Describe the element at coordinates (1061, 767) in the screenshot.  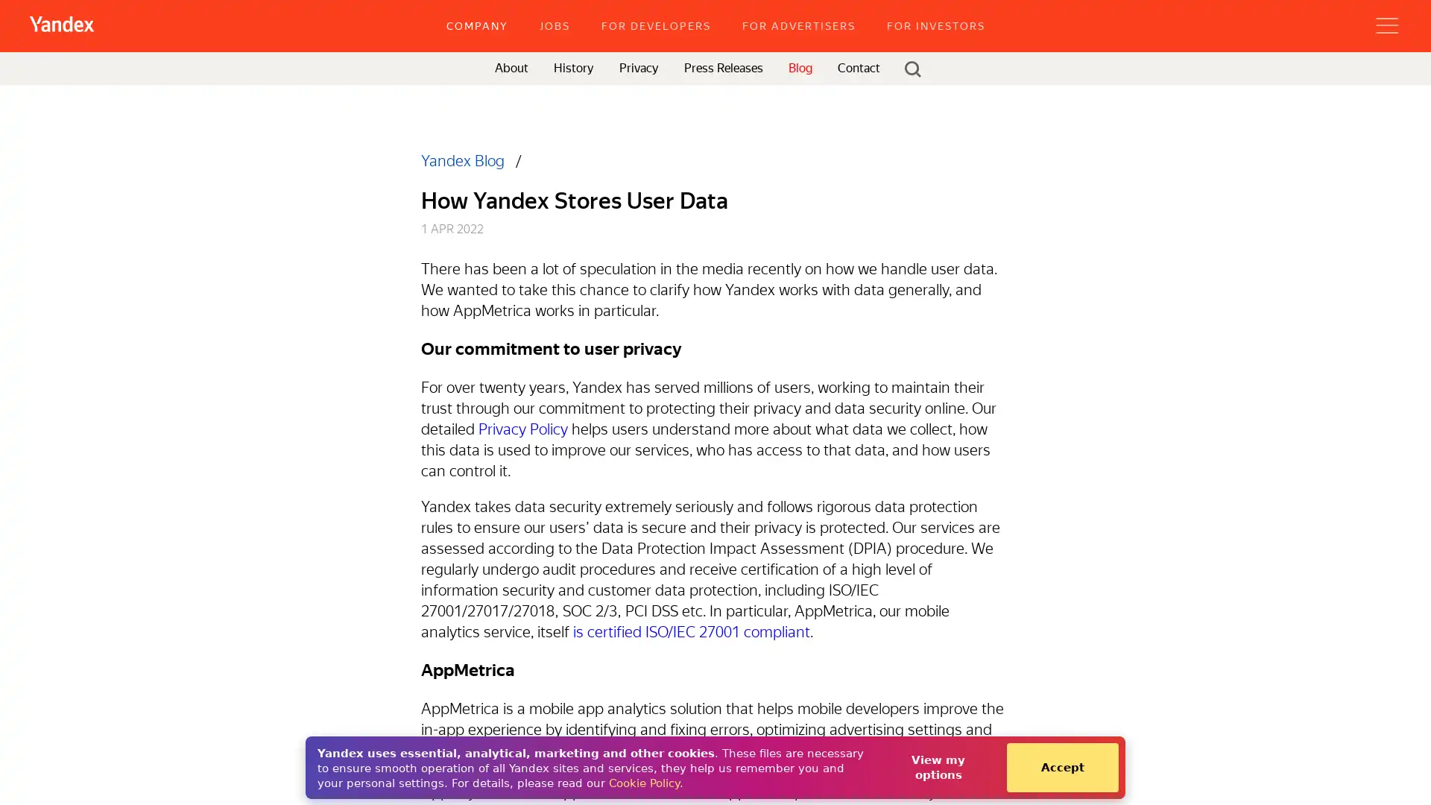
I see `Accept` at that location.